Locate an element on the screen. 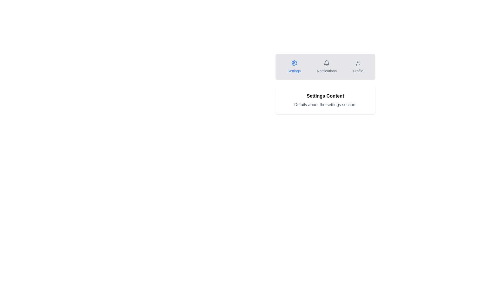 The image size is (499, 281). the 'Profile' icon in the navigation bar is located at coordinates (358, 63).